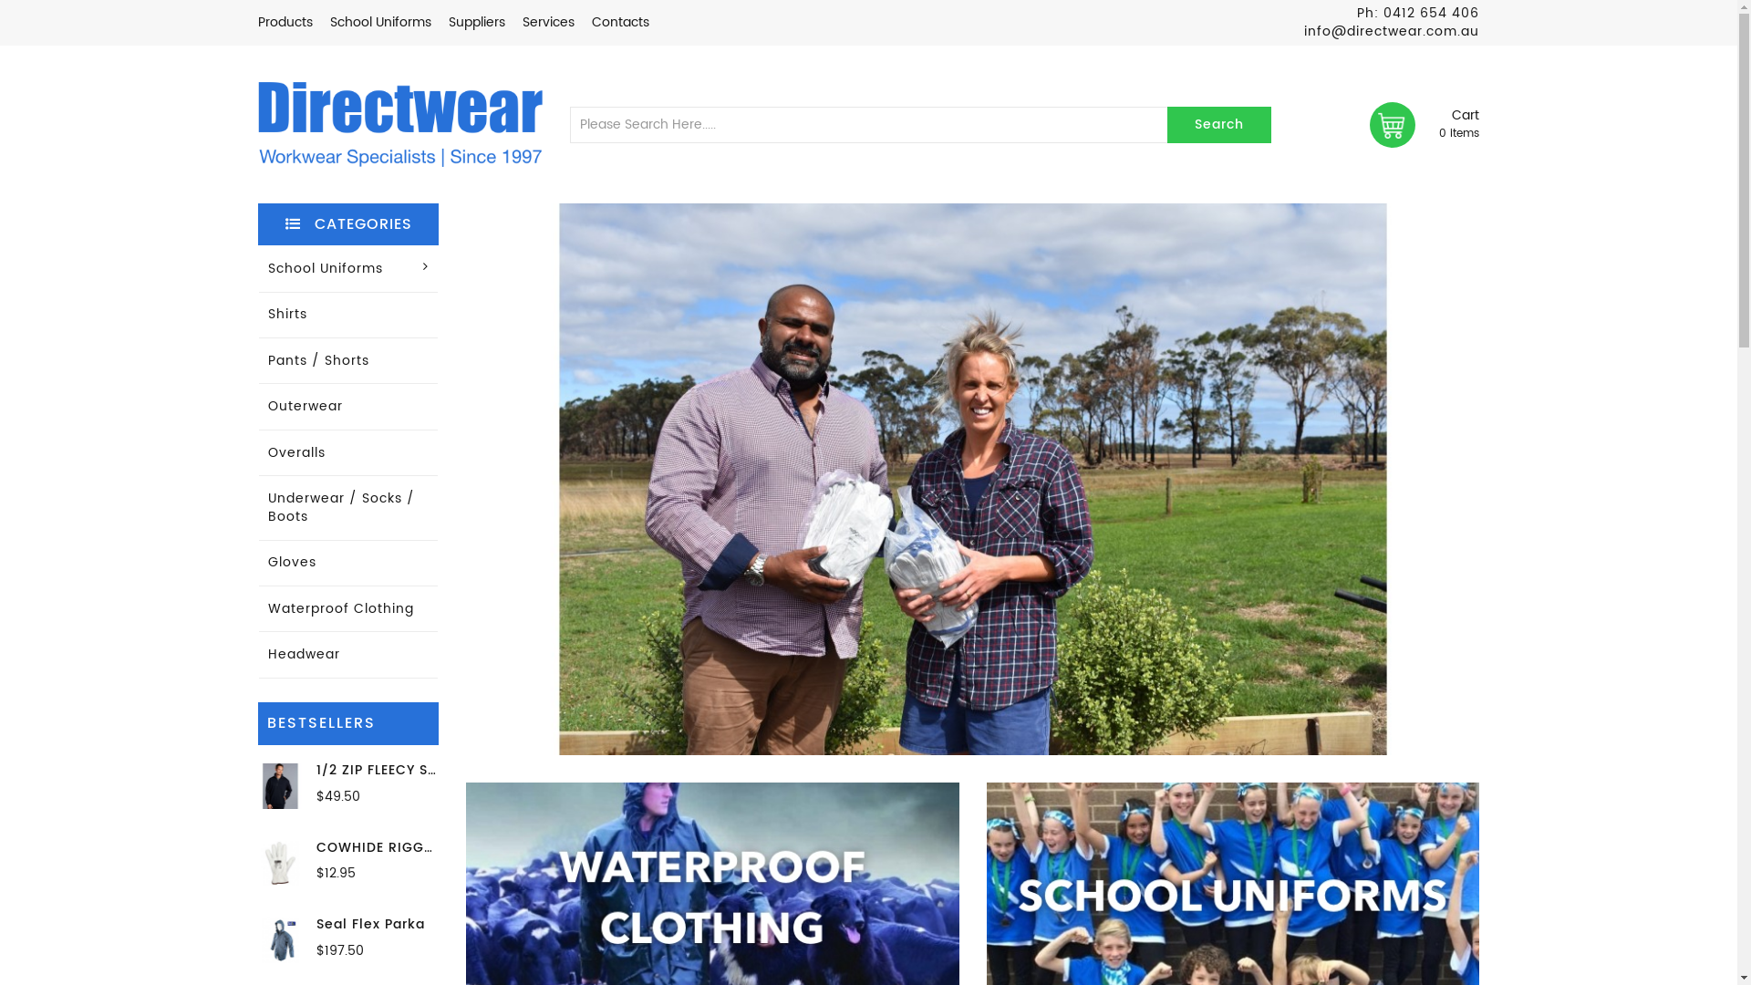 This screenshot has height=985, width=1751. I want to click on 'COWHIDE RIGGER GLOVES', so click(256, 863).